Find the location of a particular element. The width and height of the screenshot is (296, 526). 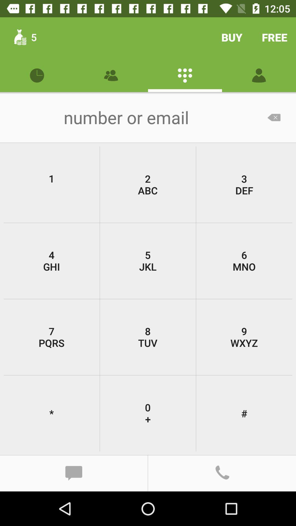

8 is located at coordinates (147, 337).